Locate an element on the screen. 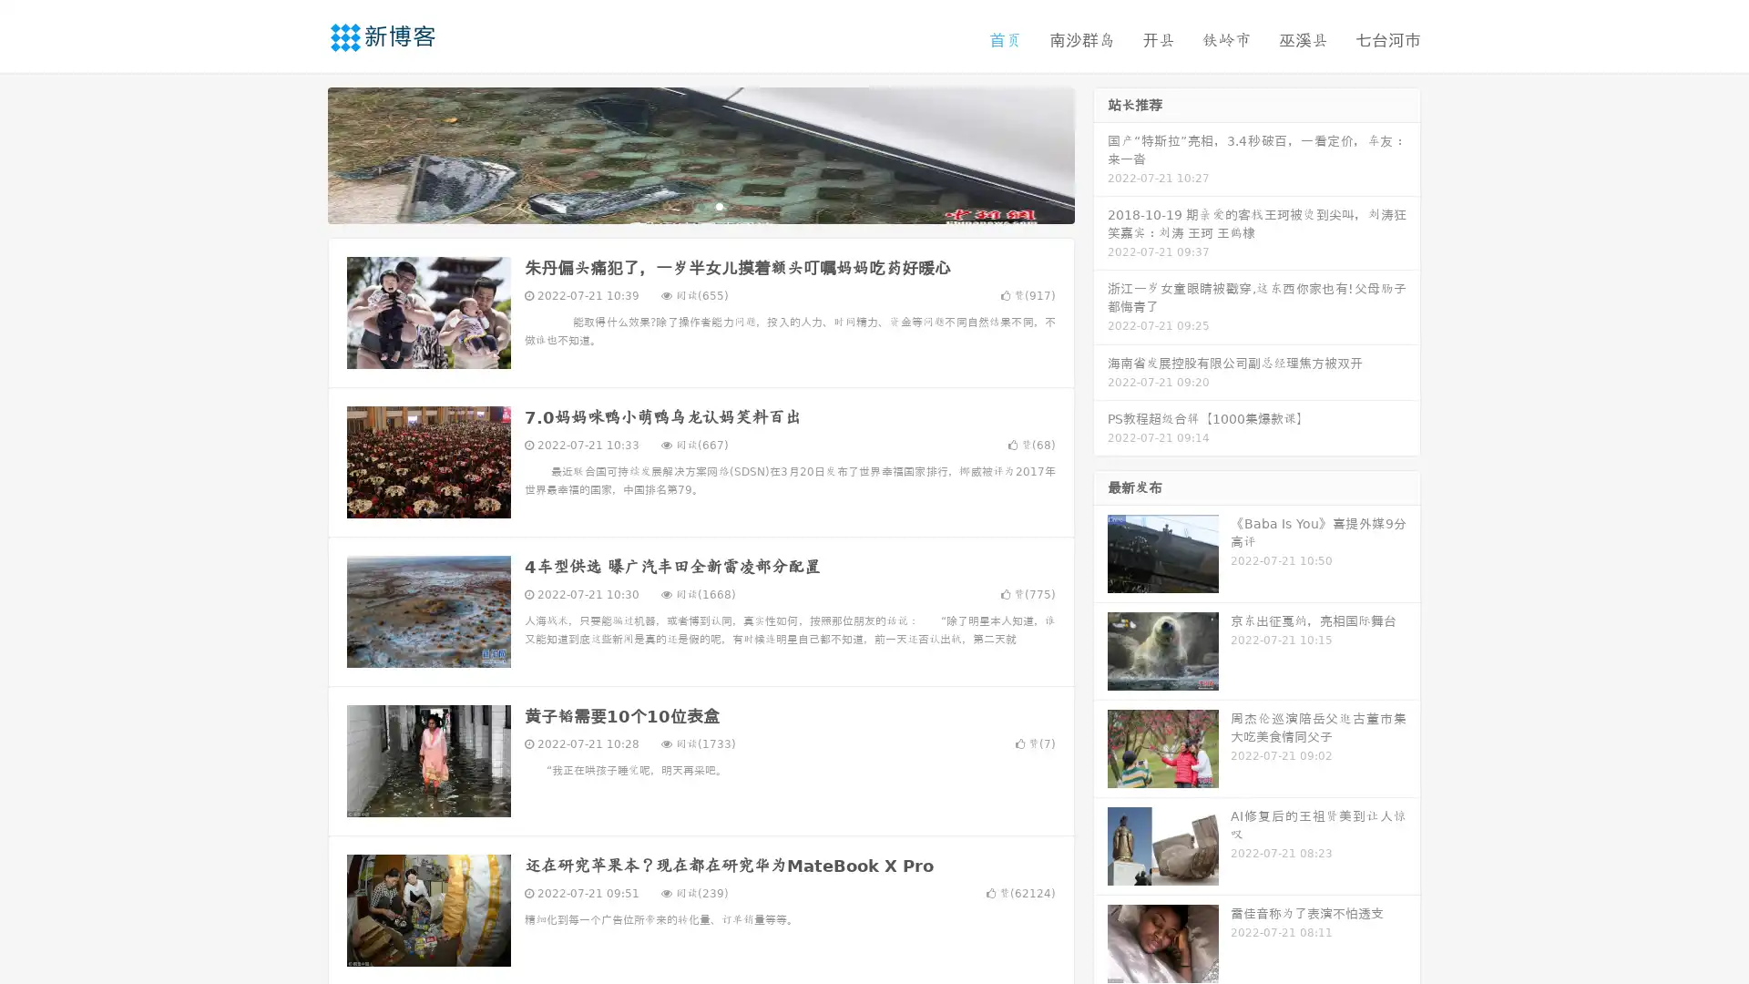 Image resolution: width=1749 pixels, height=984 pixels. Go to slide 3 is located at coordinates (719, 205).